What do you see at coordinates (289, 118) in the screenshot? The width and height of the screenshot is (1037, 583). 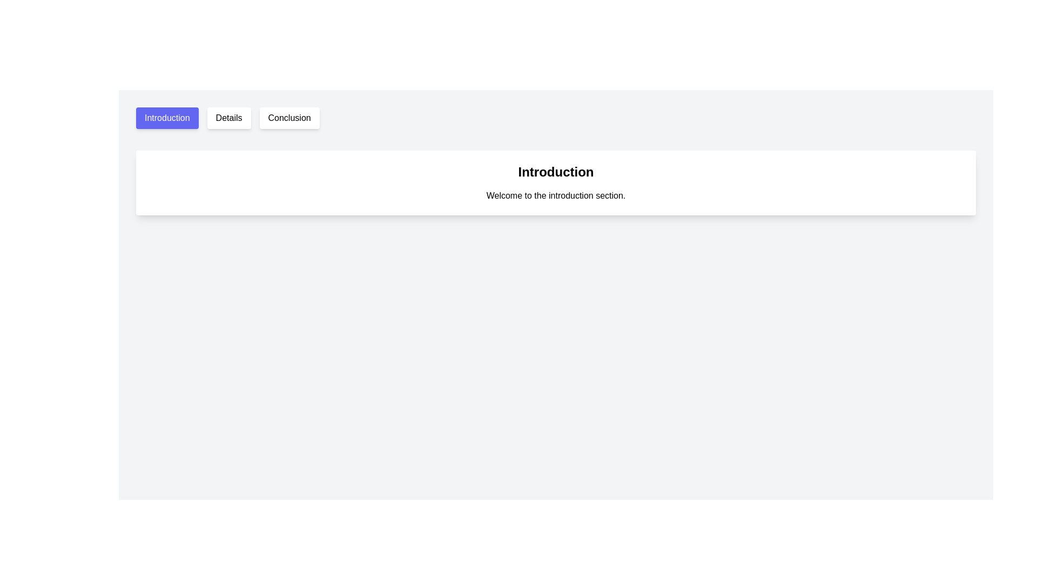 I see `the 'Conclusion' button, which is a rectangular button with a white background and black text, located at the top center of the interface` at bounding box center [289, 118].